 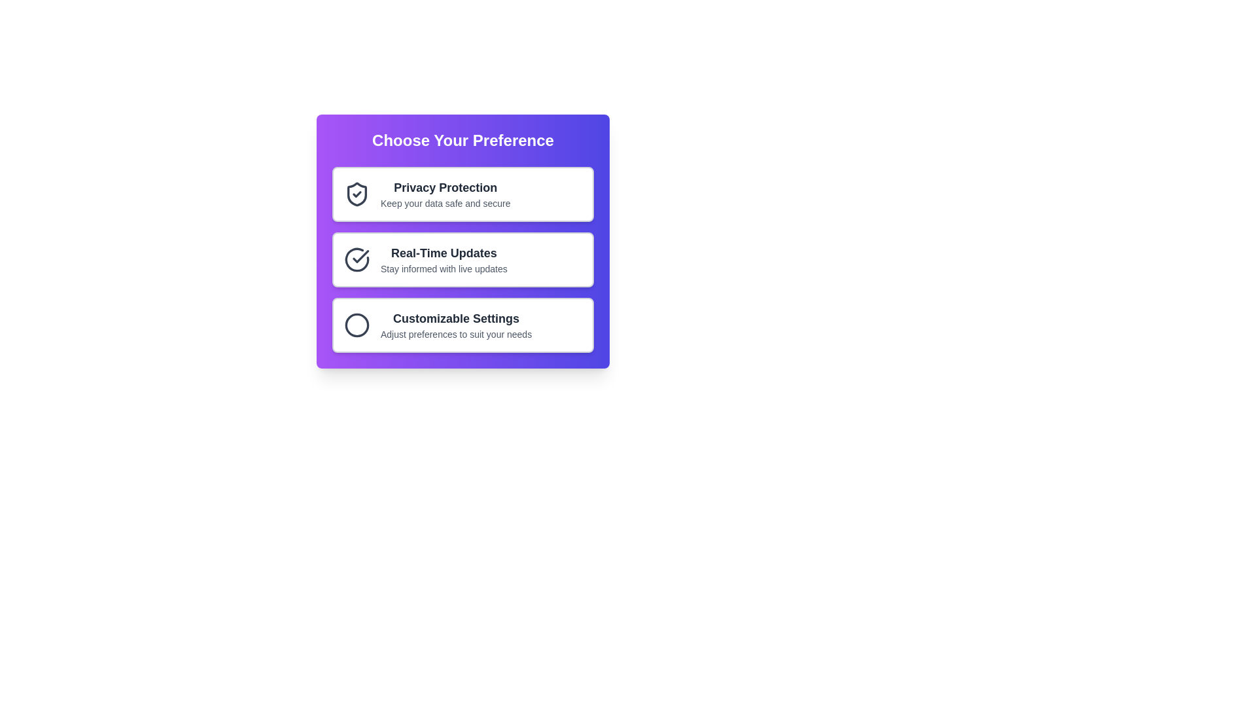 I want to click on on the text block containing the title 'Real-Time Updates' and subtitle 'Stay informed with live updates' that is positioned in the middle of a vertical list within a card with a purple background, so click(x=444, y=260).